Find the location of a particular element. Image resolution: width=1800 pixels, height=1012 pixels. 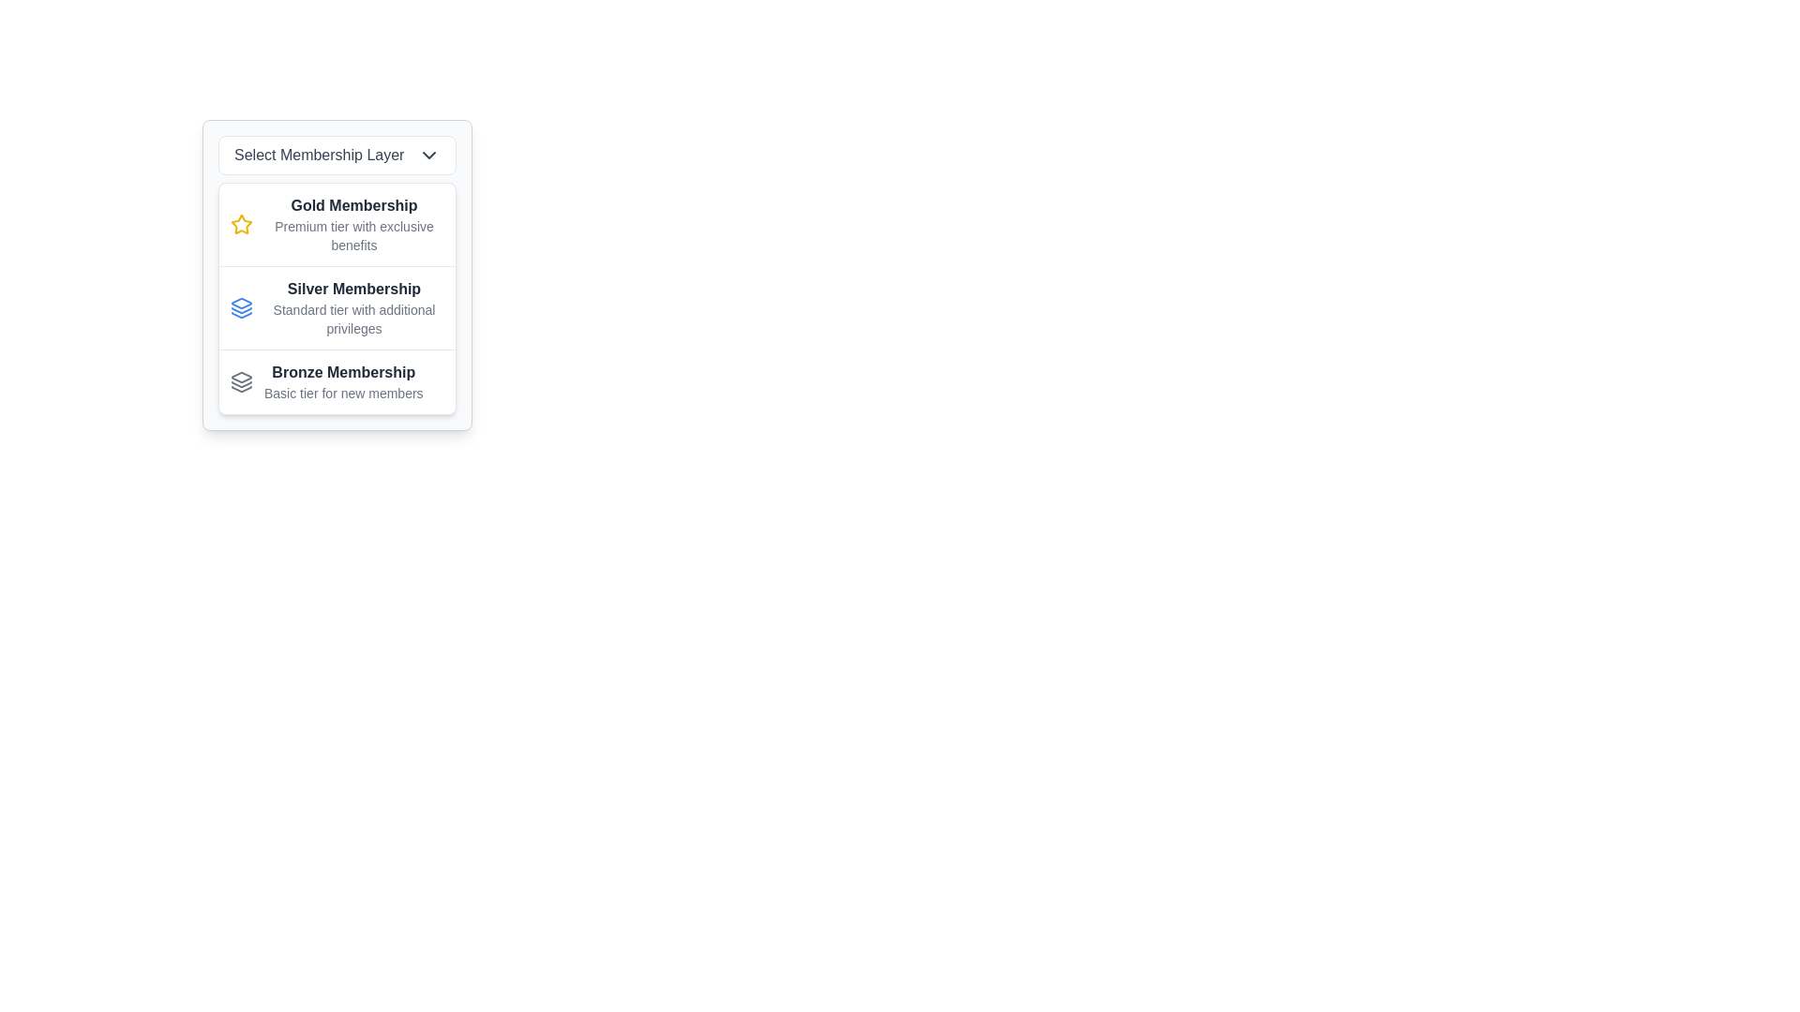

the text label displaying 'Premium tier with exclusive benefits', which is styled in a smaller gray font and positioned directly beneath the 'Gold Membership' heading is located at coordinates (354, 234).